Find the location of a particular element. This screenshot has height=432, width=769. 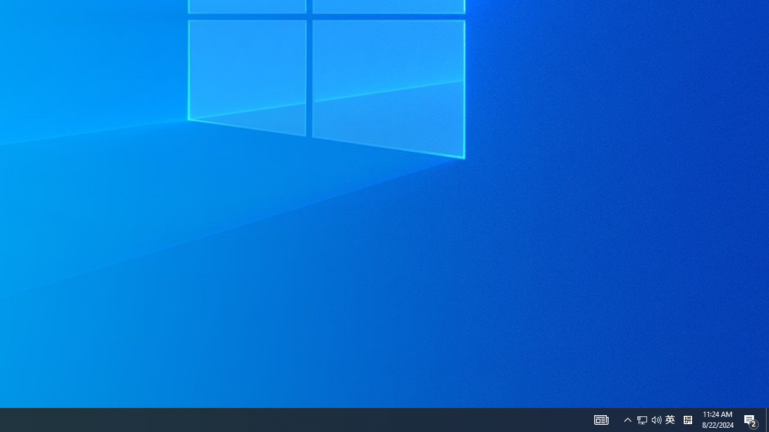

'User Promoted Notification Area' is located at coordinates (656, 419).